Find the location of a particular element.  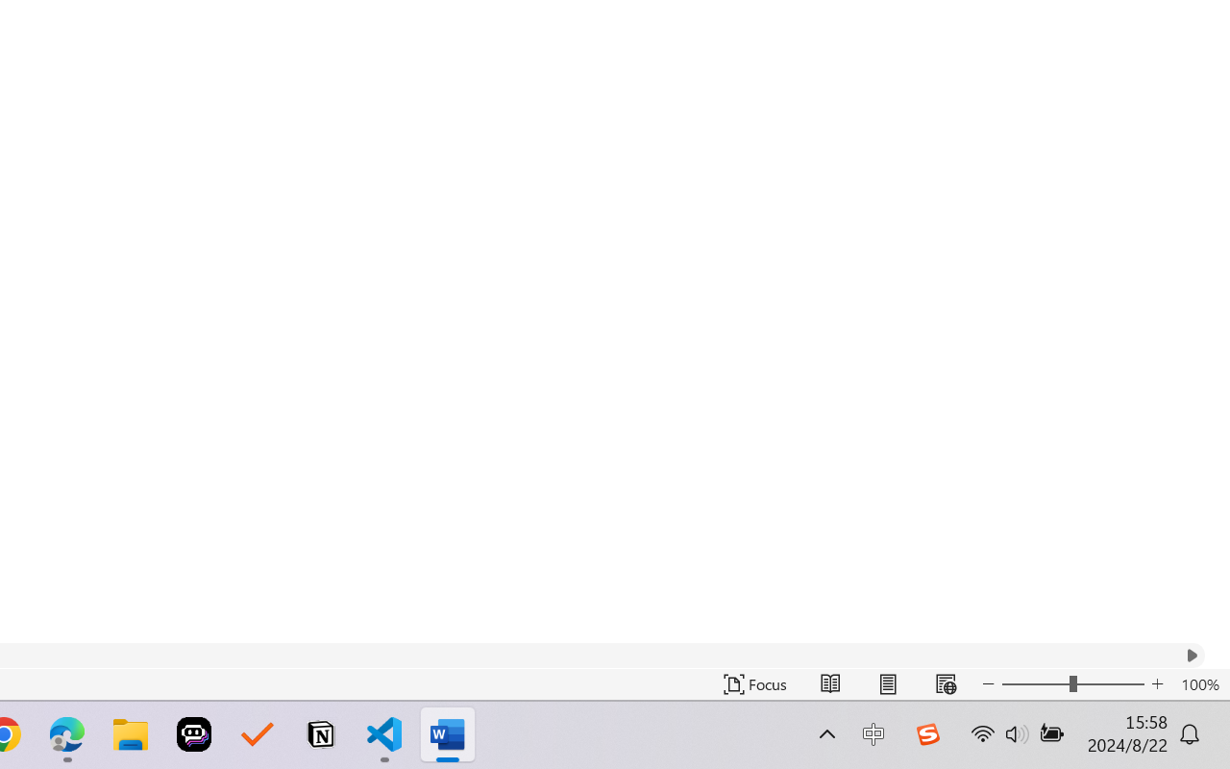

'Zoom 100%' is located at coordinates (1199, 683).